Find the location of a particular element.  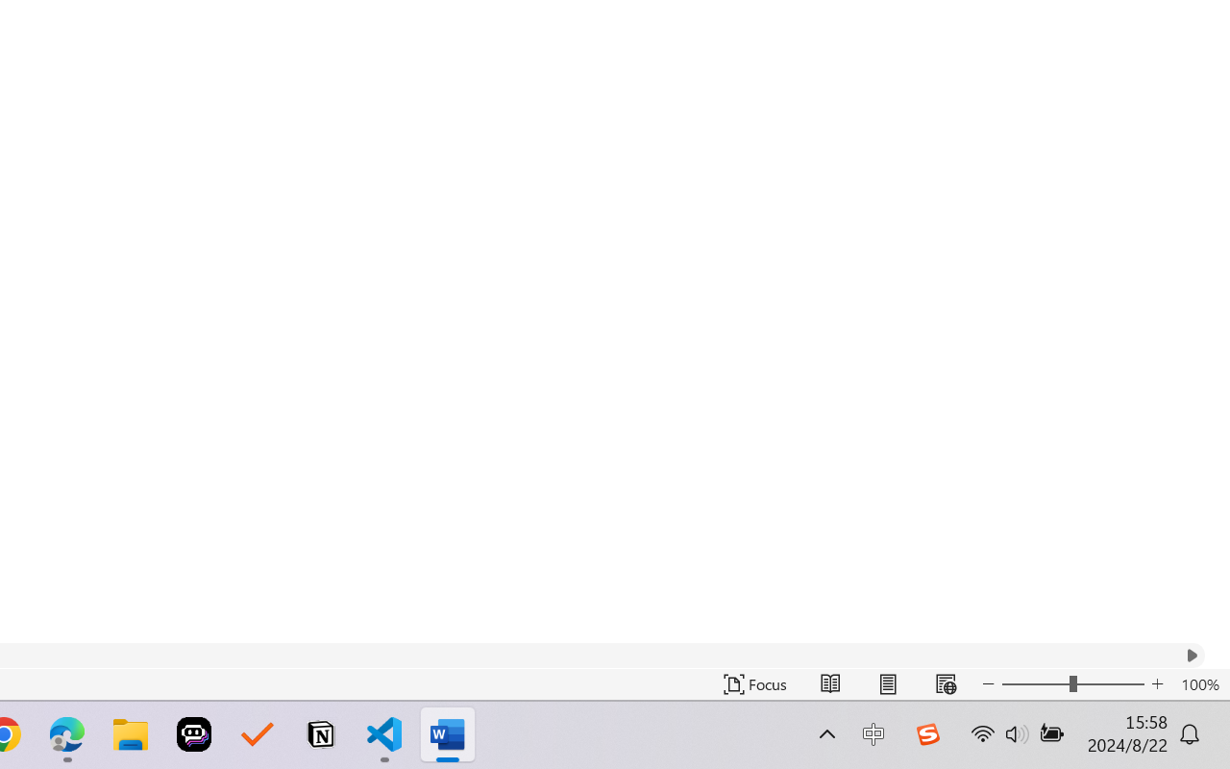

'Zoom 100%' is located at coordinates (1199, 683).